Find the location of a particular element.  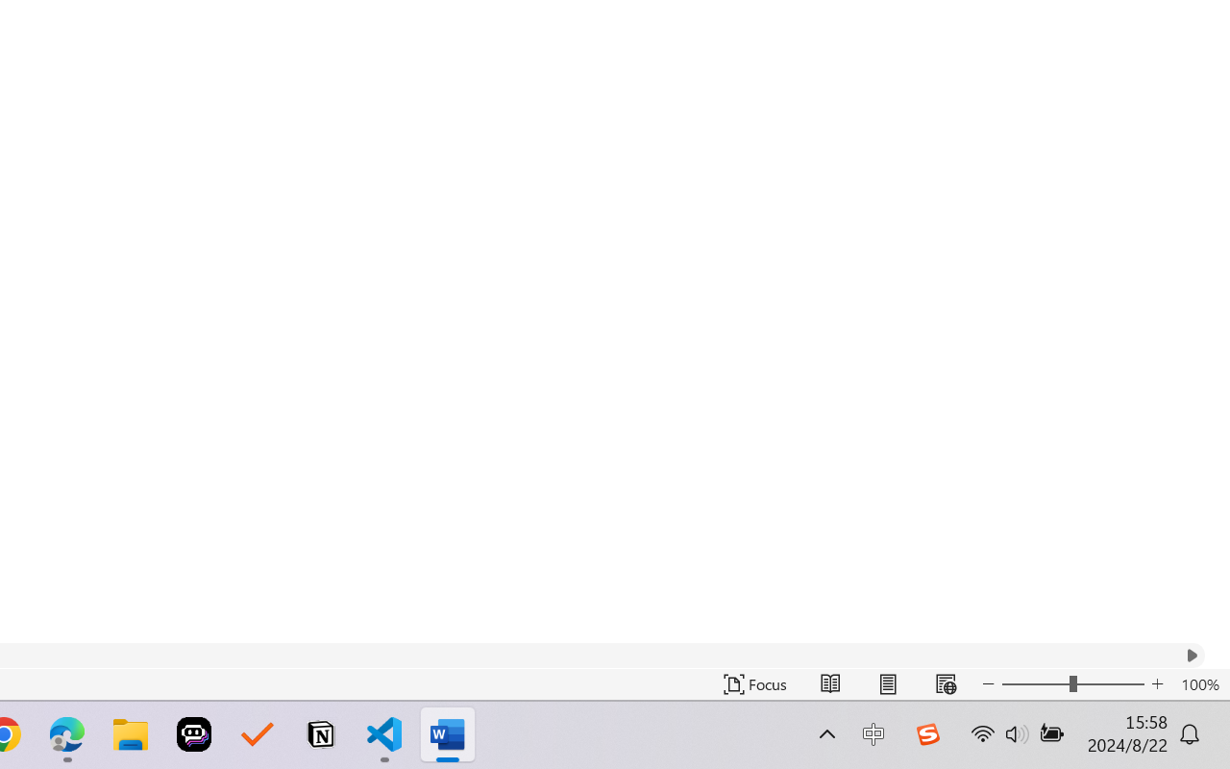

'Zoom 100%' is located at coordinates (1199, 683).